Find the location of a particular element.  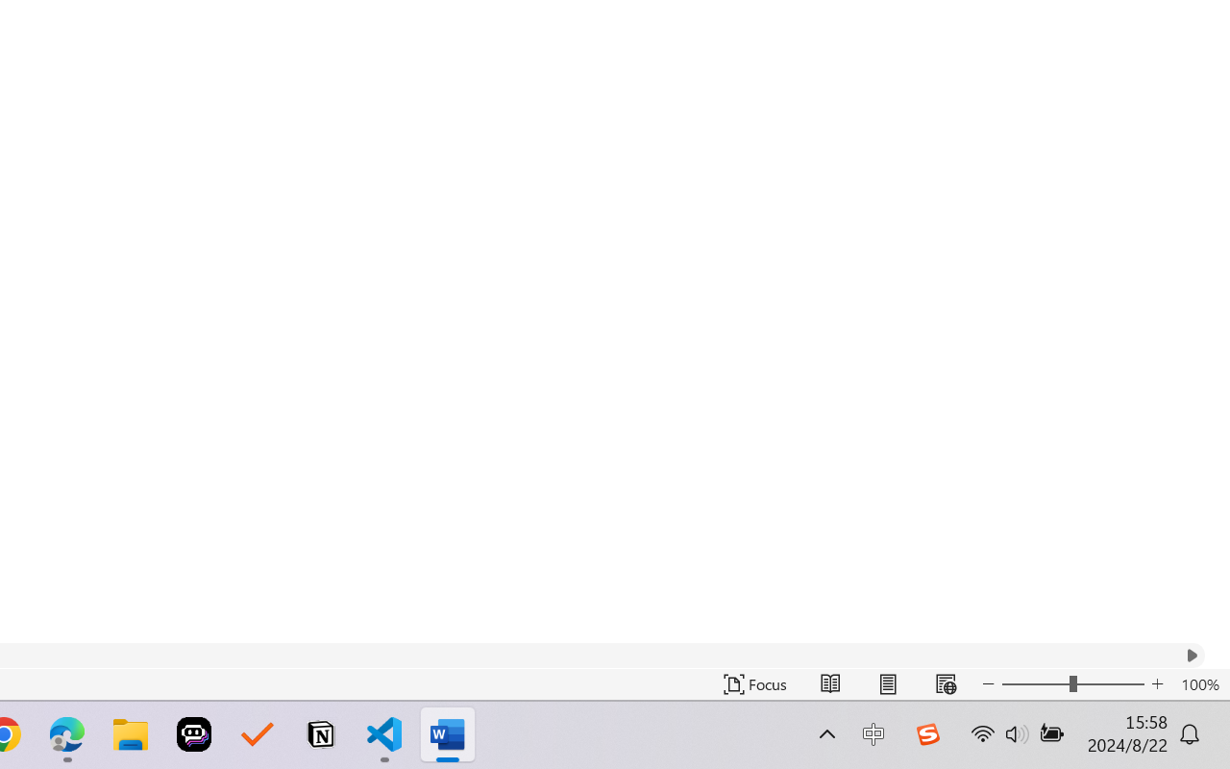

'Zoom 100%' is located at coordinates (1199, 683).